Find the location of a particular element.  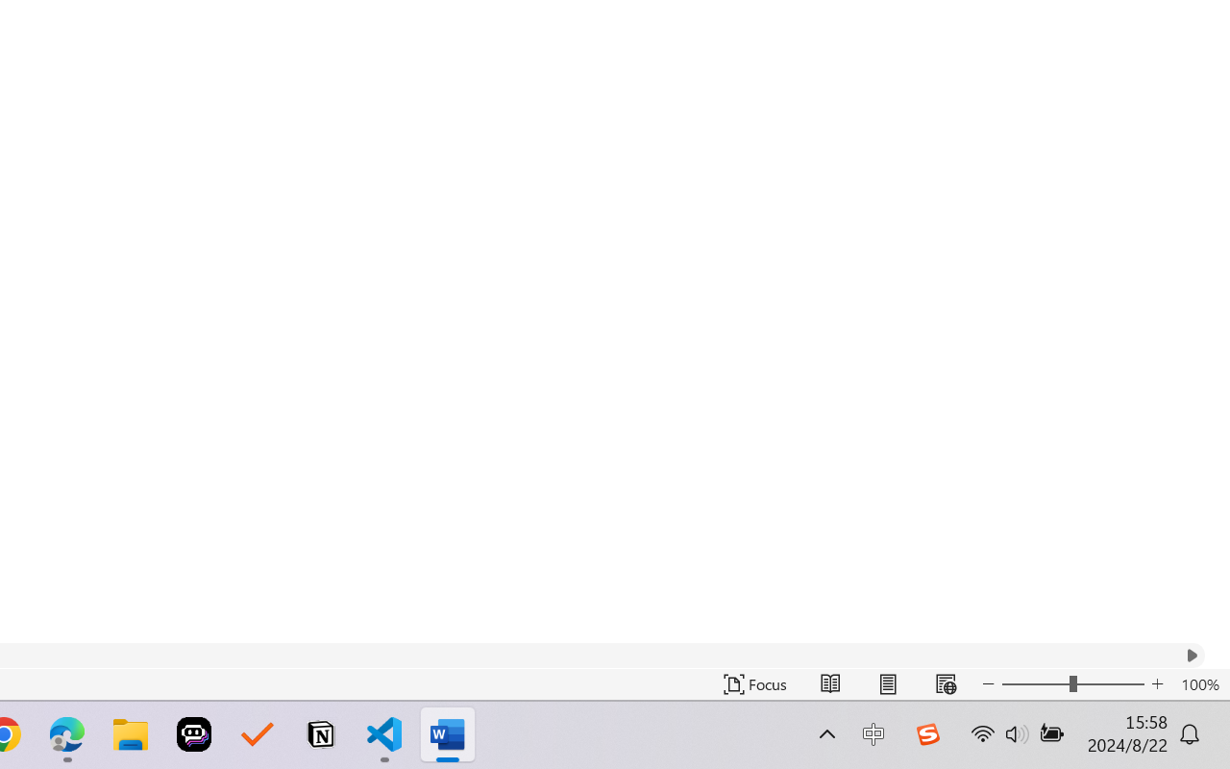

'Zoom 100%' is located at coordinates (1199, 683).